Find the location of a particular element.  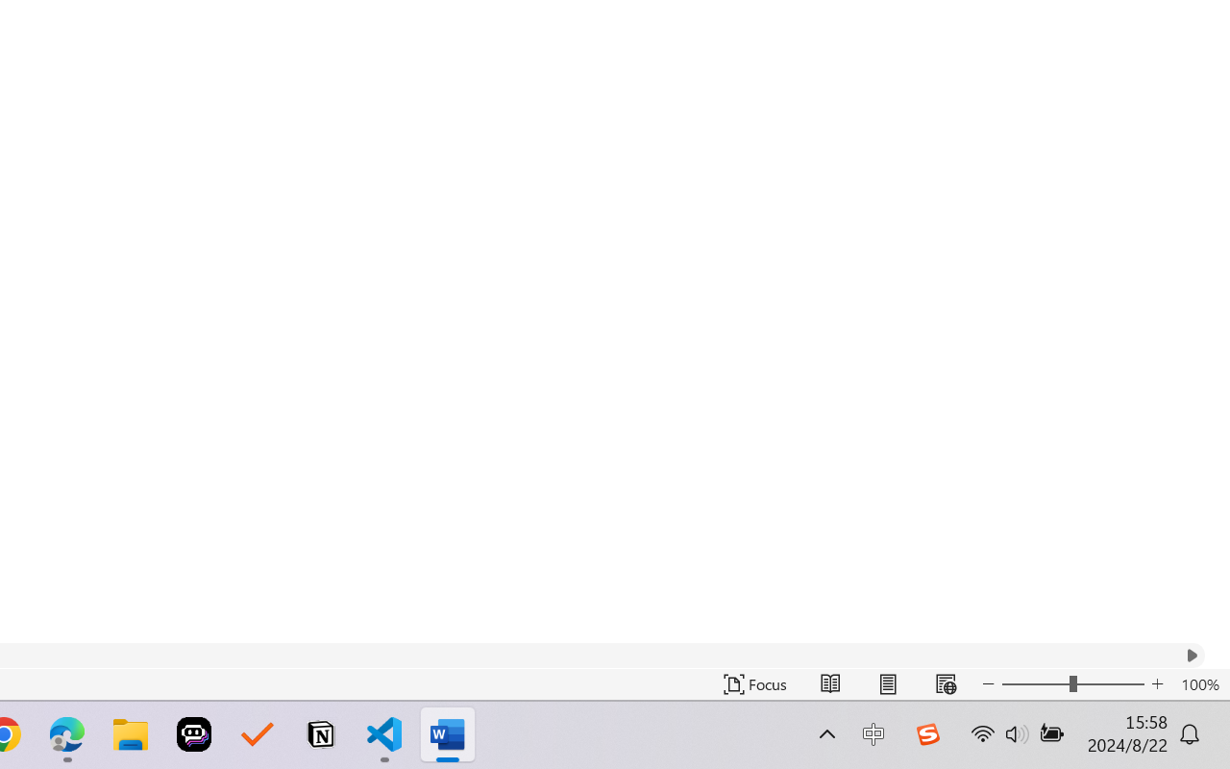

'Zoom 100%' is located at coordinates (1199, 683).